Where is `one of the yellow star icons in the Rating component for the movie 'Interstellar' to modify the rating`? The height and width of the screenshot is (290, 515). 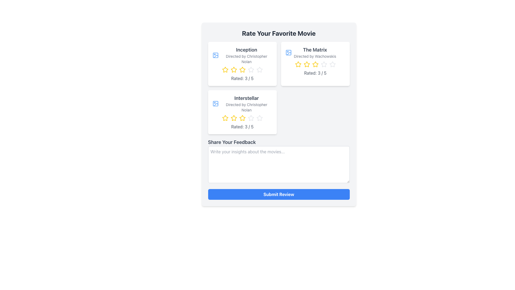 one of the yellow star icons in the Rating component for the movie 'Interstellar' to modify the rating is located at coordinates (242, 118).